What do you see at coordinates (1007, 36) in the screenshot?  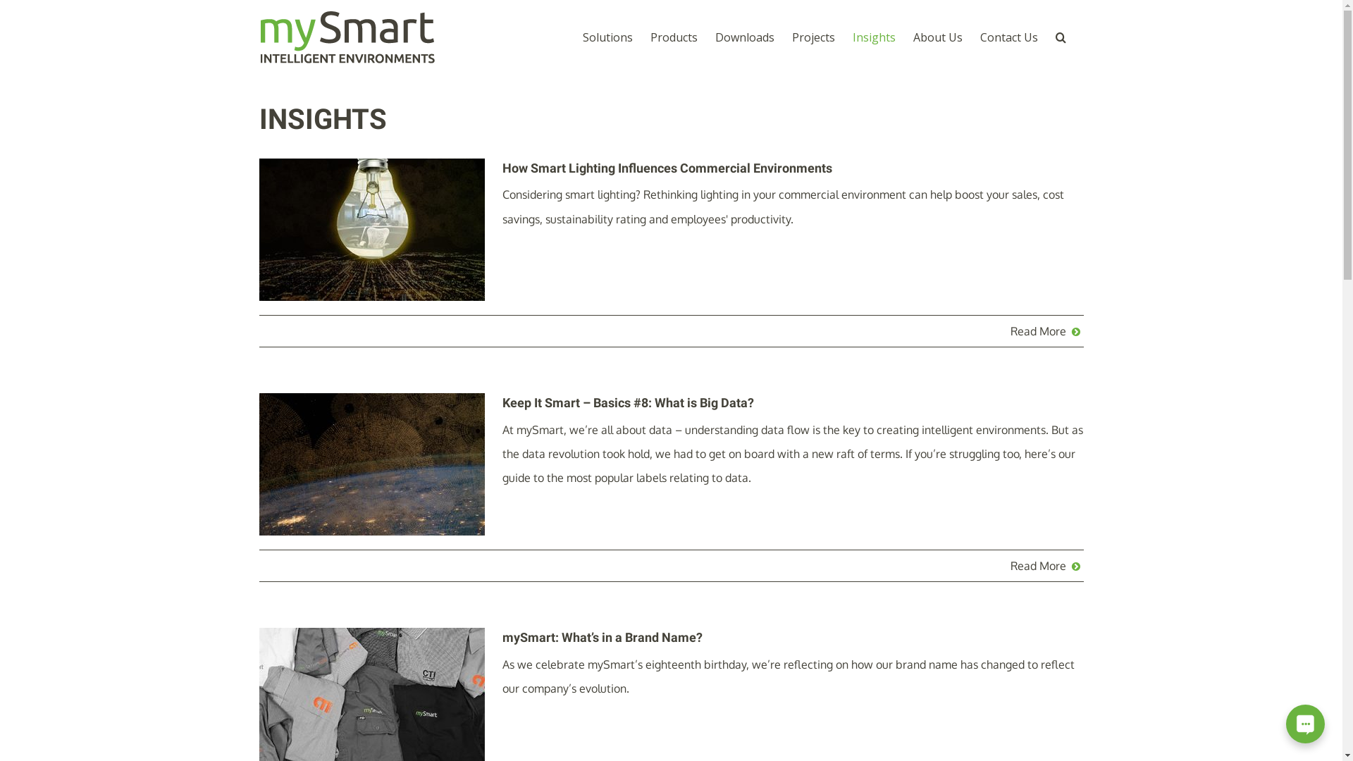 I see `'Contact Us'` at bounding box center [1007, 36].